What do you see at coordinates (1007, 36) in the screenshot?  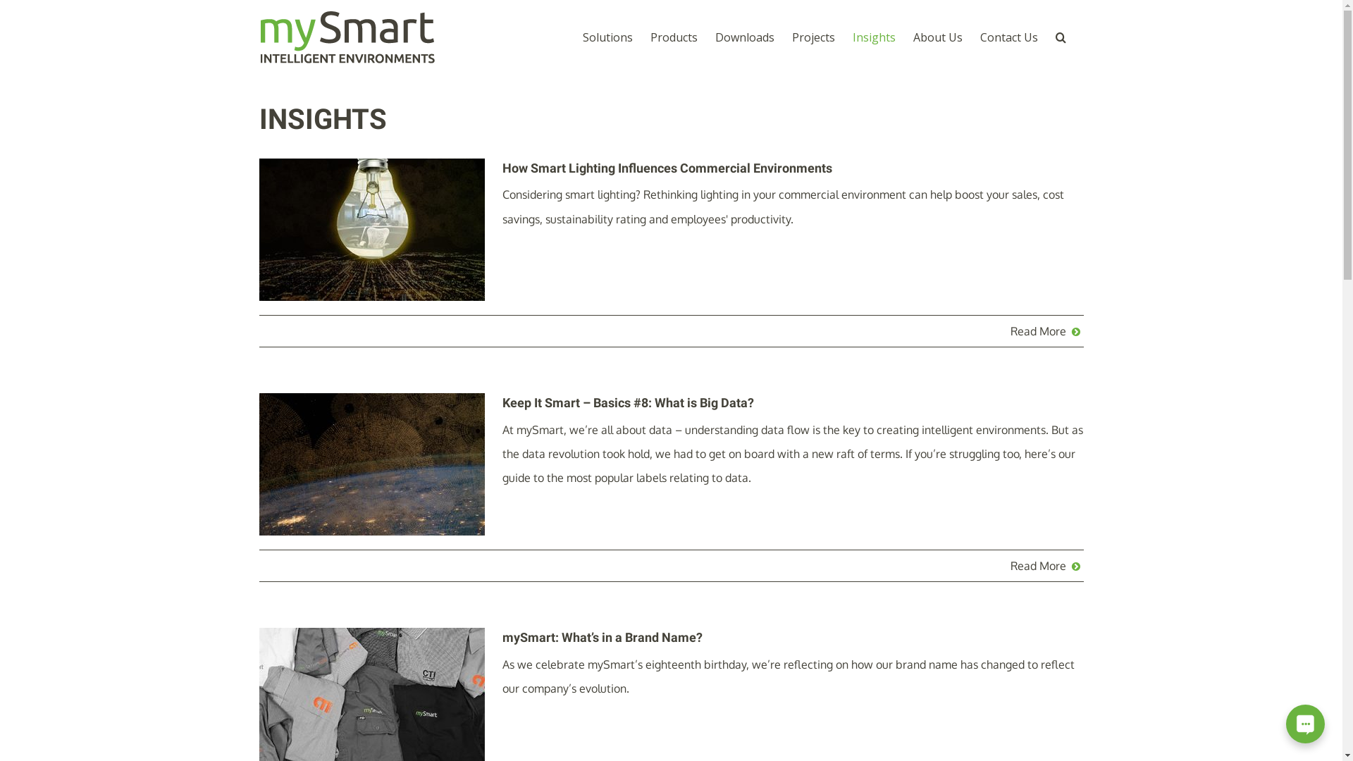 I see `'Contact Us'` at bounding box center [1007, 36].